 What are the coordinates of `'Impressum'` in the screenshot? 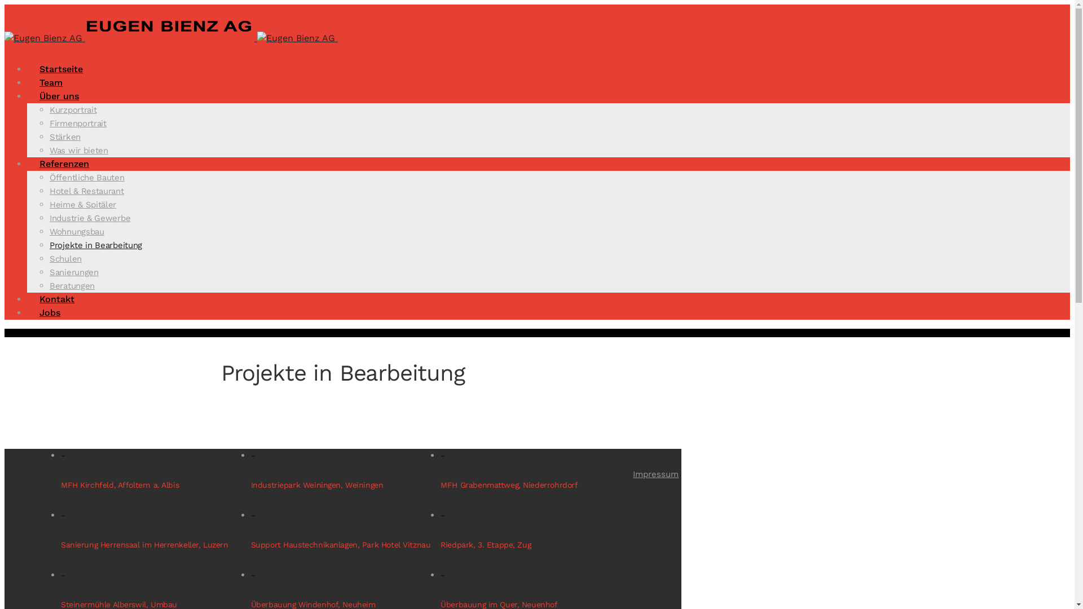 It's located at (655, 474).